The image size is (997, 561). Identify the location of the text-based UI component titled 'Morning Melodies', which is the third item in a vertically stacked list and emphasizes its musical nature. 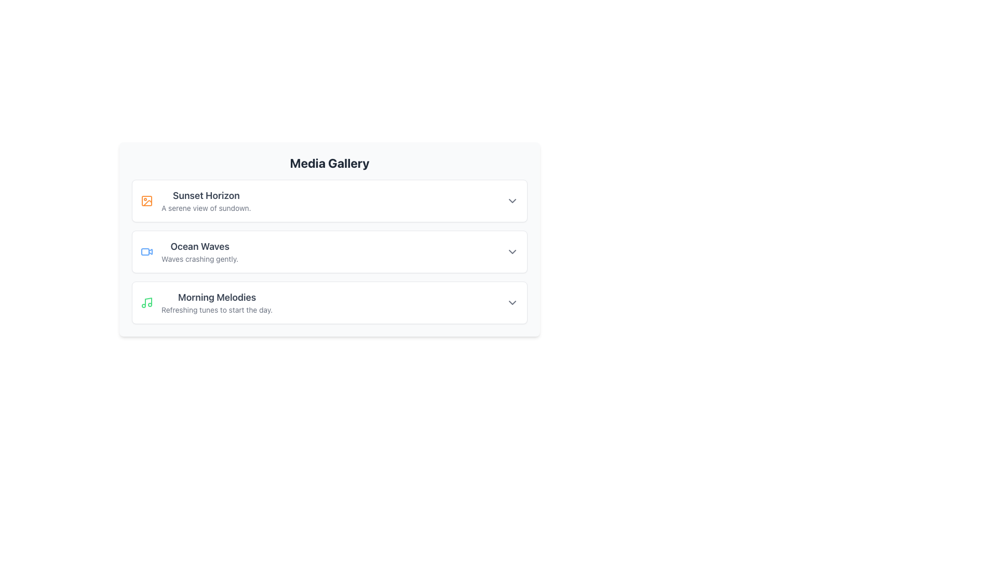
(217, 302).